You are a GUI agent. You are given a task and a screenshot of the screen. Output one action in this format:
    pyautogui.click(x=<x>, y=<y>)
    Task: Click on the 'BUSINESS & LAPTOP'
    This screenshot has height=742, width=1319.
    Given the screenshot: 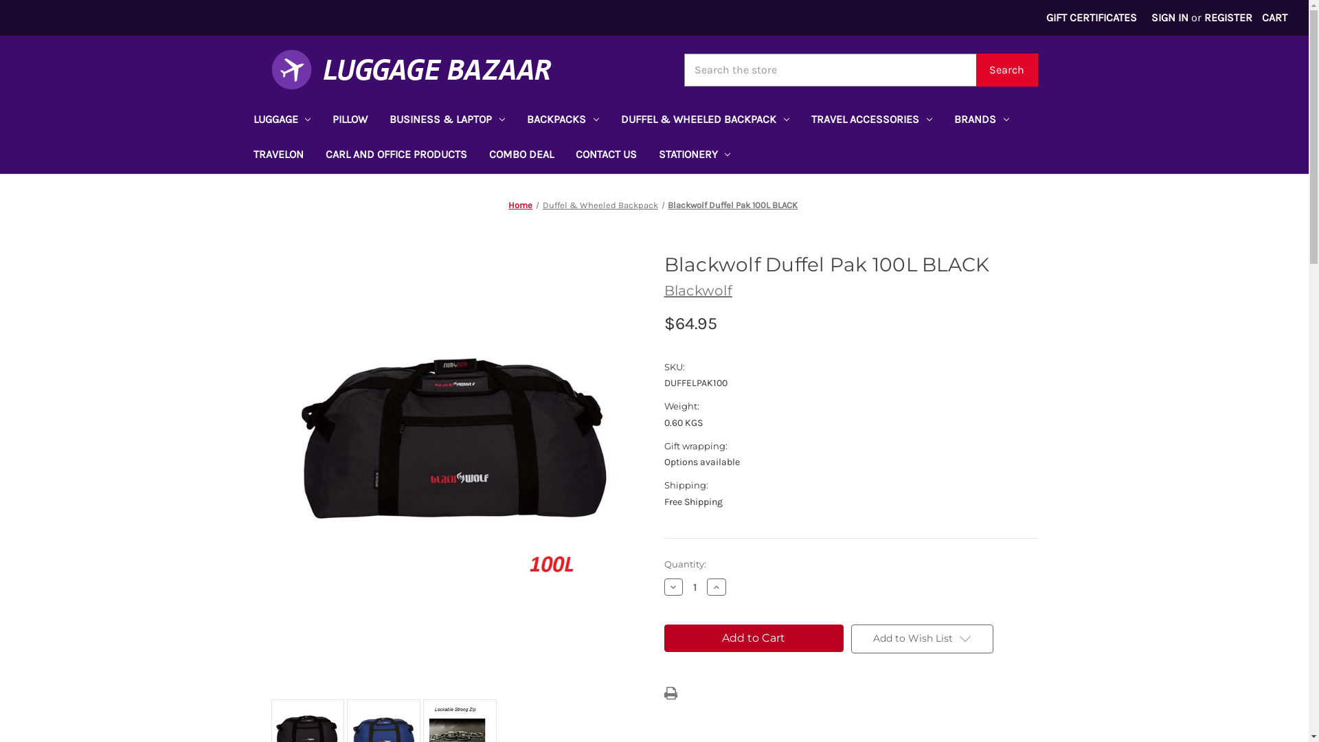 What is the action you would take?
    pyautogui.click(x=447, y=120)
    